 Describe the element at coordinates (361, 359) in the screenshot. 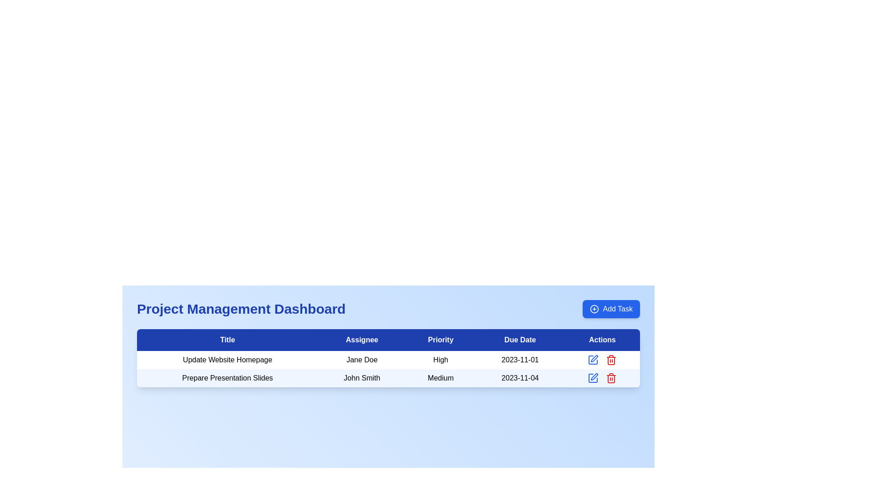

I see `the text label displaying 'Jane Doe' in the data table row labeled 'Update Website Homepage'` at that location.